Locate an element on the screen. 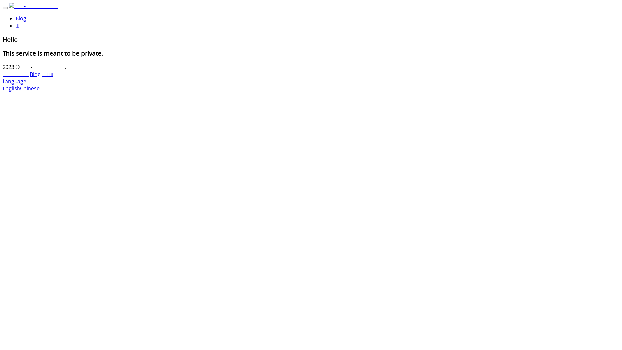 Image resolution: width=622 pixels, height=350 pixels. 'Chinese' is located at coordinates (29, 88).